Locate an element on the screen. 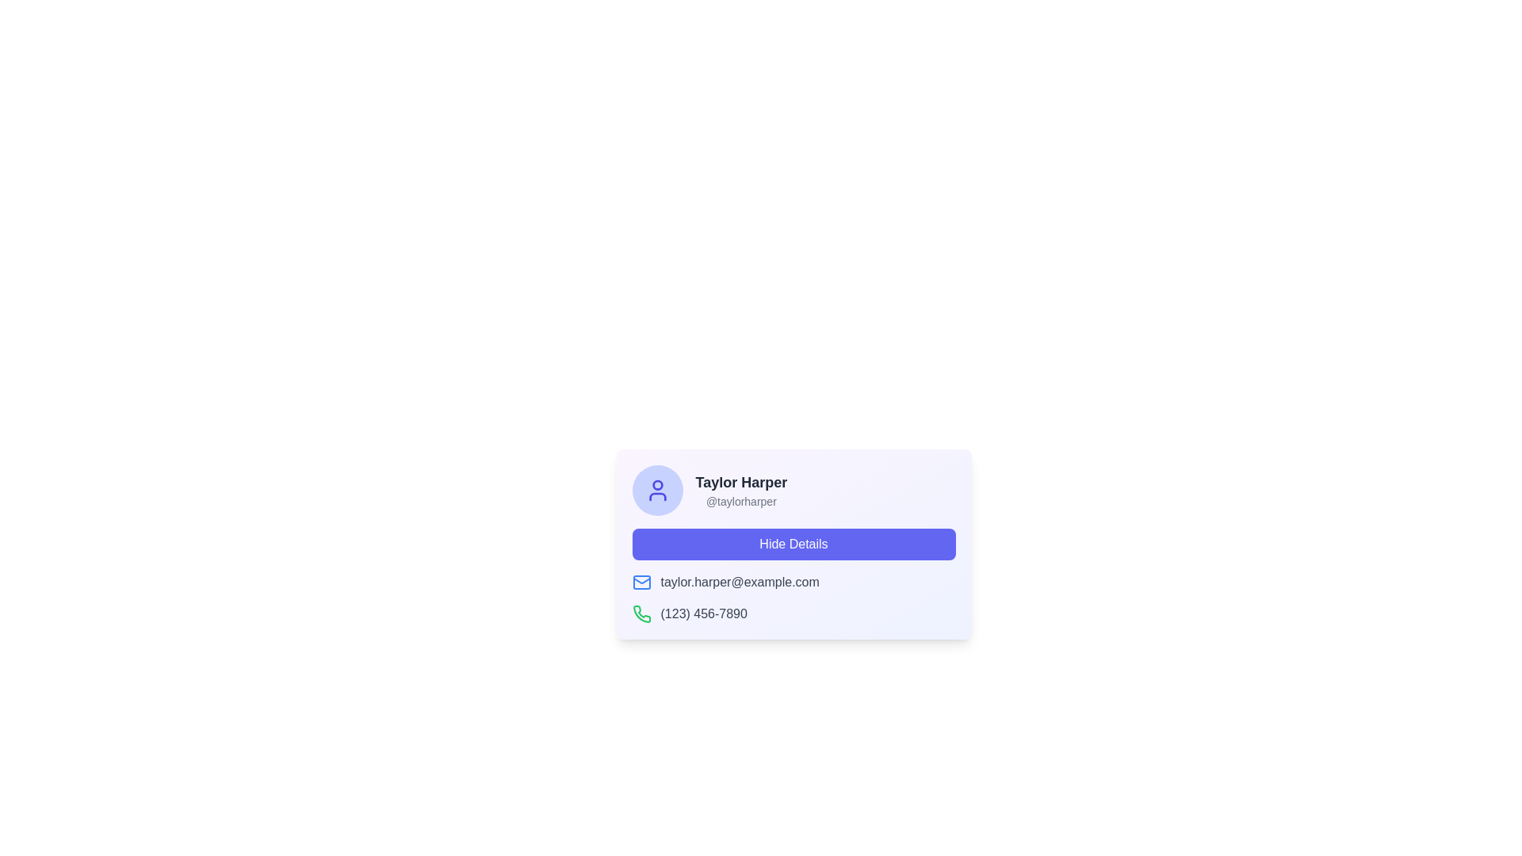  the blue mail icon that signifies an email address, located in the bottom right quadrant of the contact card, left of the email address text and beneath the 'Hide Details' button is located at coordinates (641, 580).